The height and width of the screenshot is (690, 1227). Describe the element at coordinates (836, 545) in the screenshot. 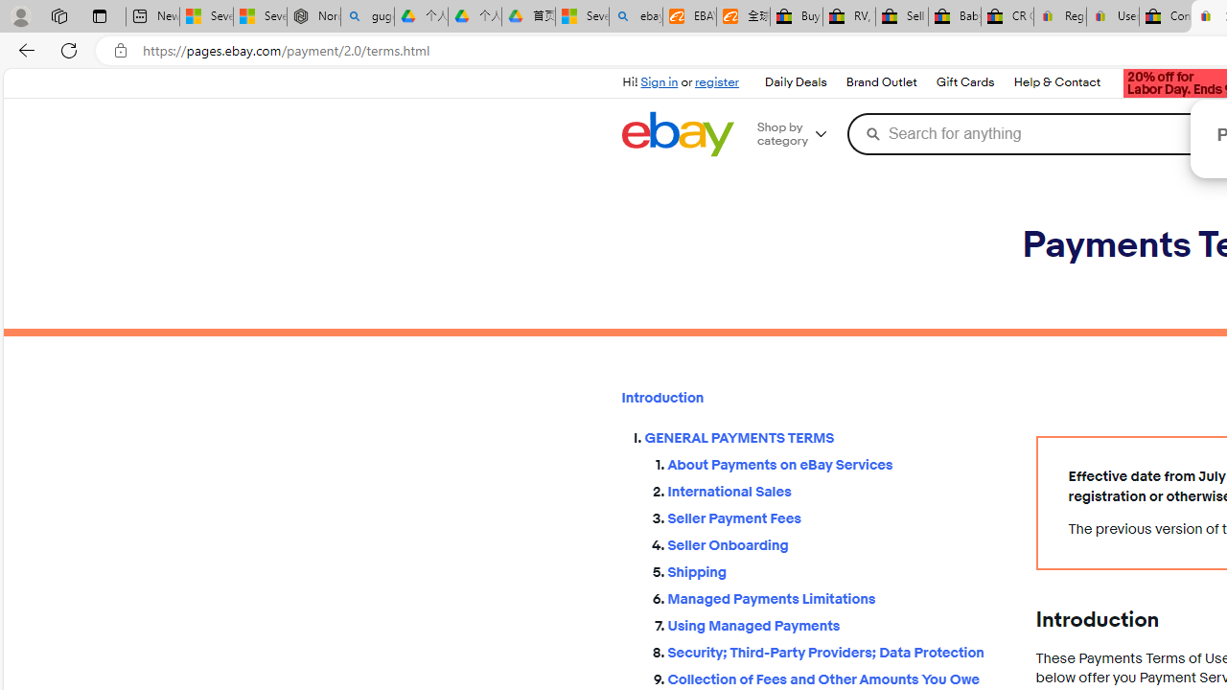

I see `'Seller Onboarding'` at that location.